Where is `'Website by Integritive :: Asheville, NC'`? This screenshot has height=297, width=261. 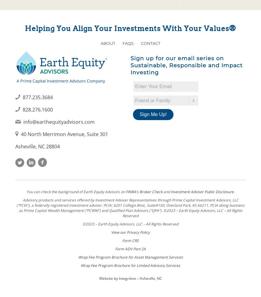
'Website by Integritive :: Asheville, NC' is located at coordinates (130, 278).